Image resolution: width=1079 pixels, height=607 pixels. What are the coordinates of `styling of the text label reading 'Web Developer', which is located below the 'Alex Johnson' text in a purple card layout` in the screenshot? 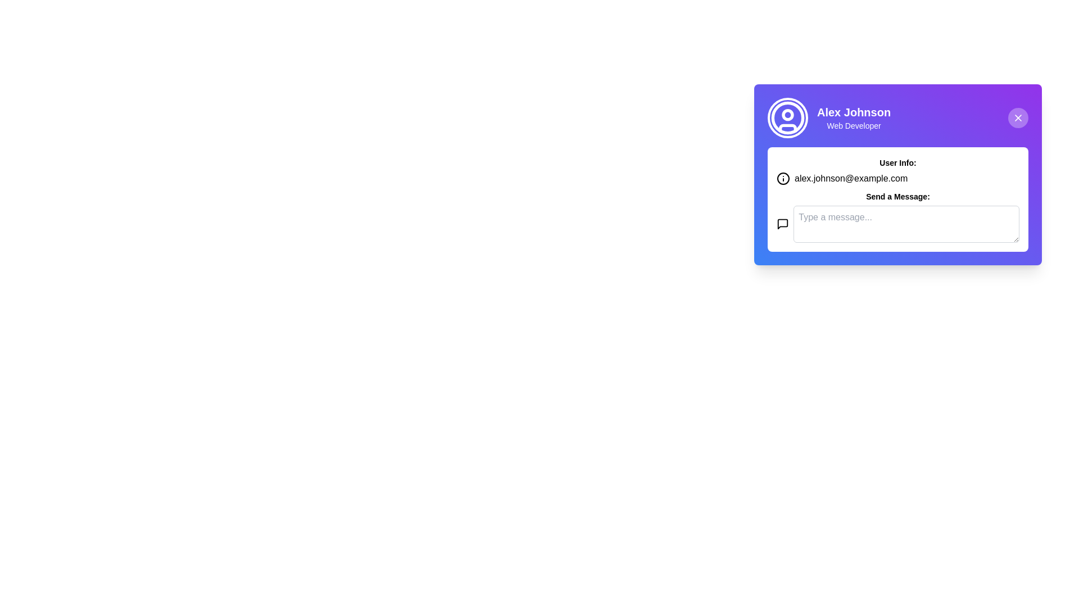 It's located at (854, 125).